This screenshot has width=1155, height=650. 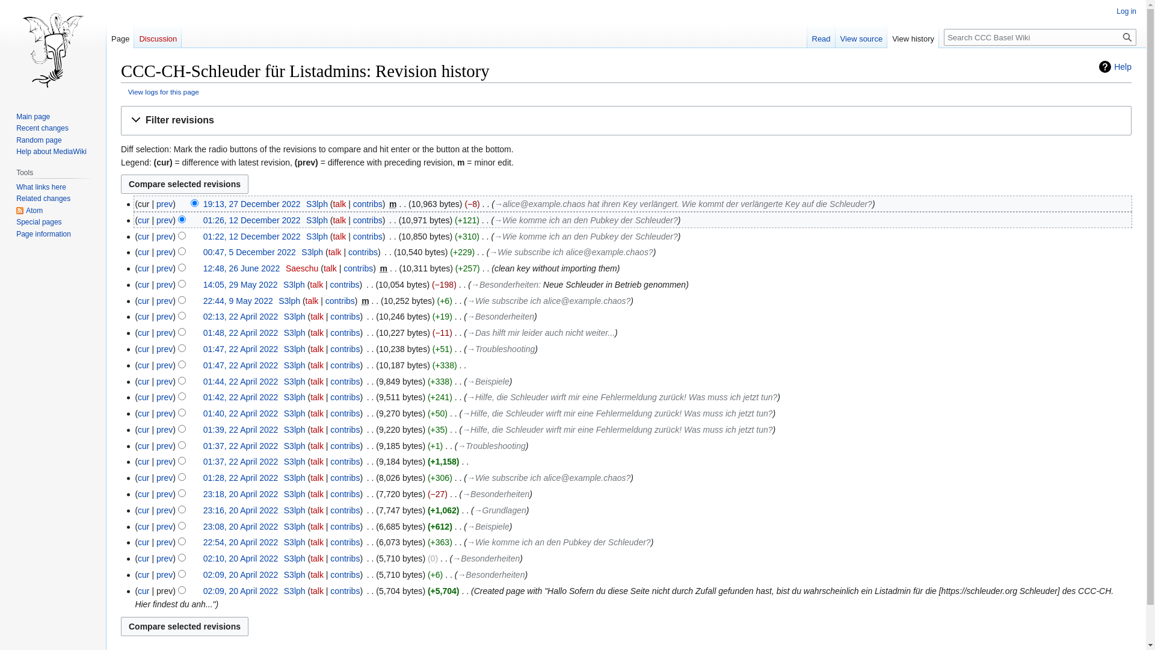 What do you see at coordinates (16, 198) in the screenshot?
I see `'Related changes'` at bounding box center [16, 198].